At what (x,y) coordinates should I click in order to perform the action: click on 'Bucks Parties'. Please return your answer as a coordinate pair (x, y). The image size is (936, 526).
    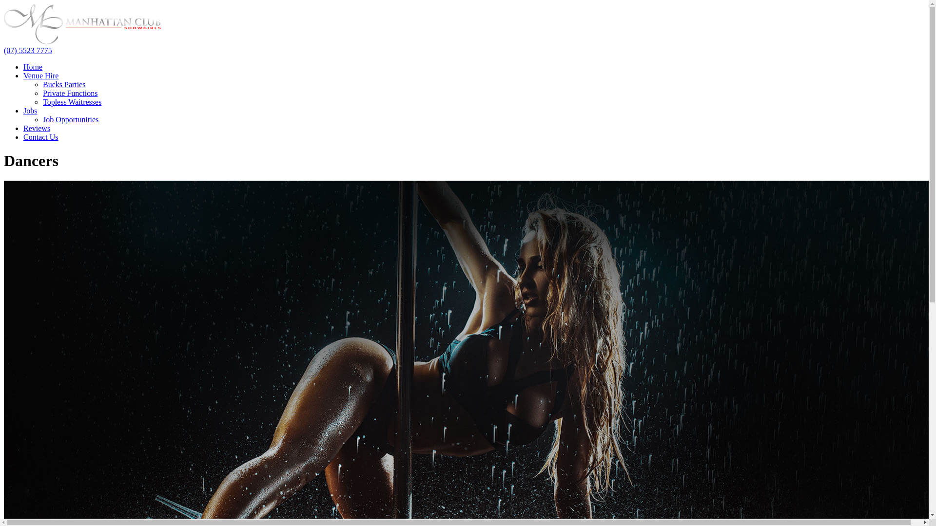
    Looking at the image, I should click on (63, 84).